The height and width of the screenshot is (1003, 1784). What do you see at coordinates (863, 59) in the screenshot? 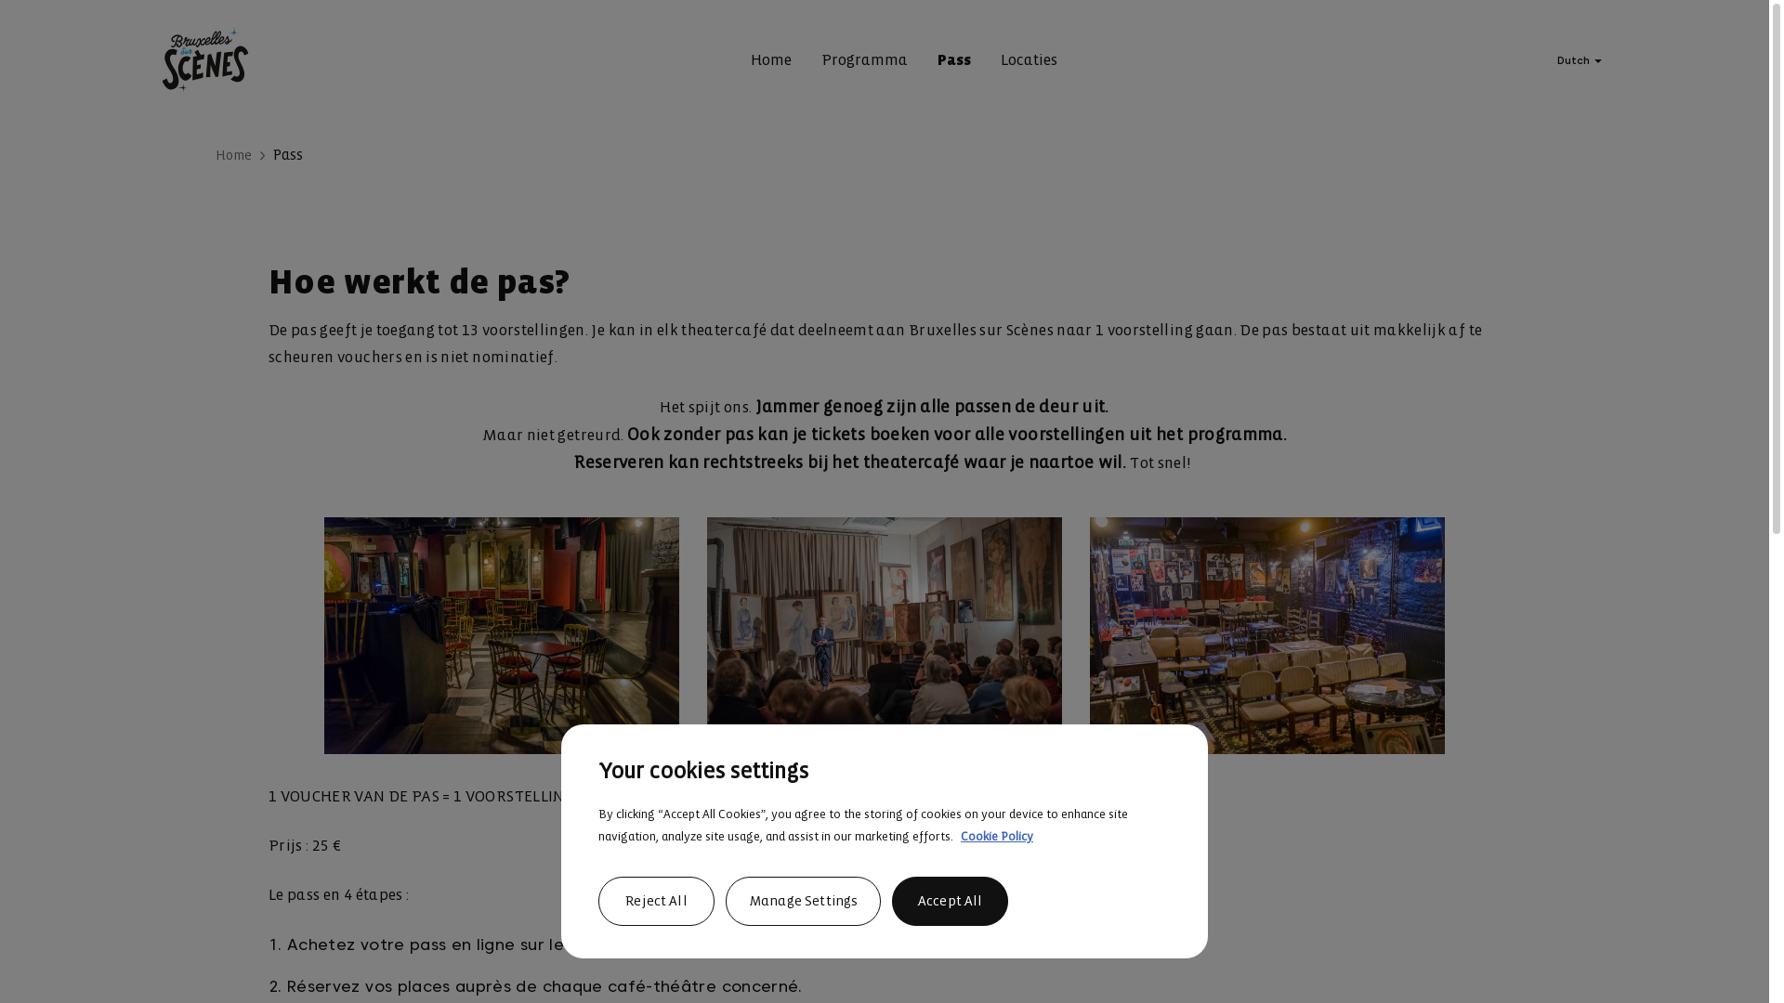
I see `'Programma'` at bounding box center [863, 59].